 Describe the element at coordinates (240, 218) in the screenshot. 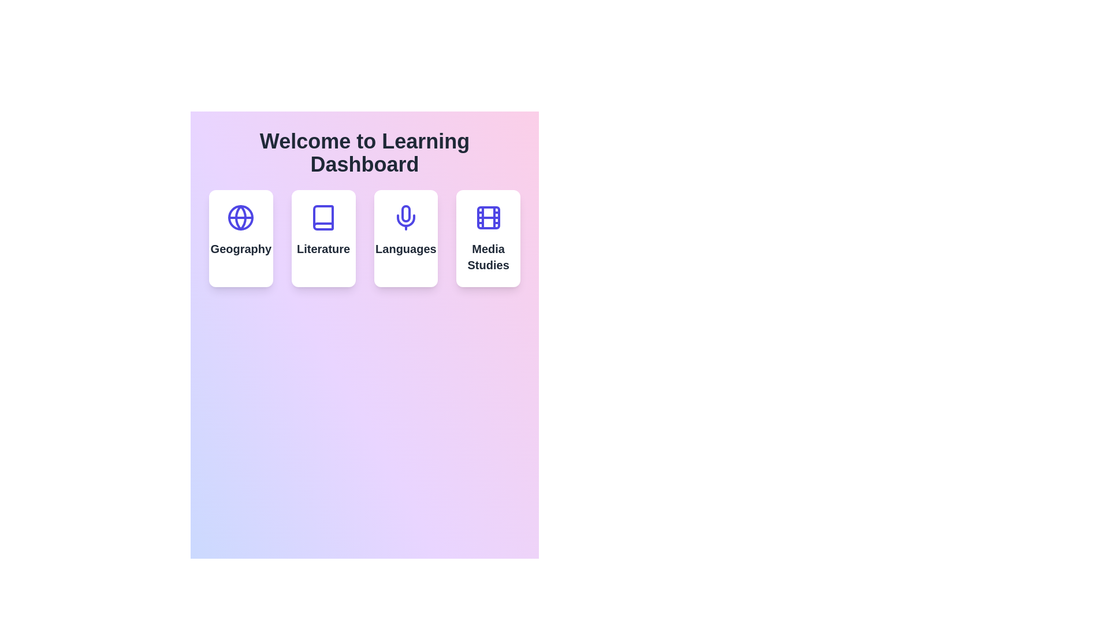

I see `the circular shape that is part of the globe icon representing the 'Geography' section, located in the leftmost position among the options` at that location.